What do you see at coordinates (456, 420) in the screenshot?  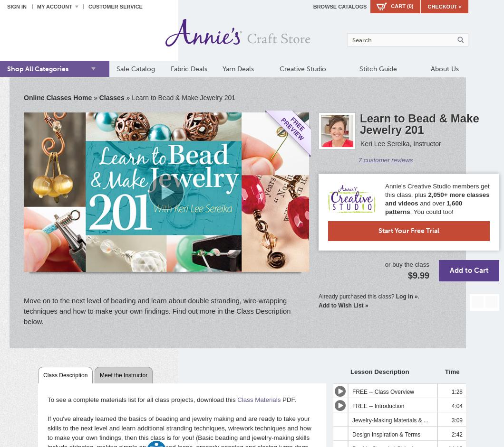 I see `'3:09'` at bounding box center [456, 420].